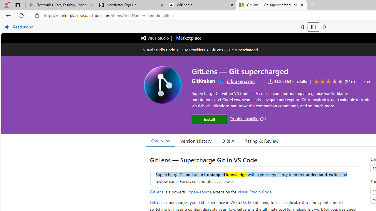 Image resolution: width=376 pixels, height=211 pixels. I want to click on 'SCM Providers', so click(193, 49).